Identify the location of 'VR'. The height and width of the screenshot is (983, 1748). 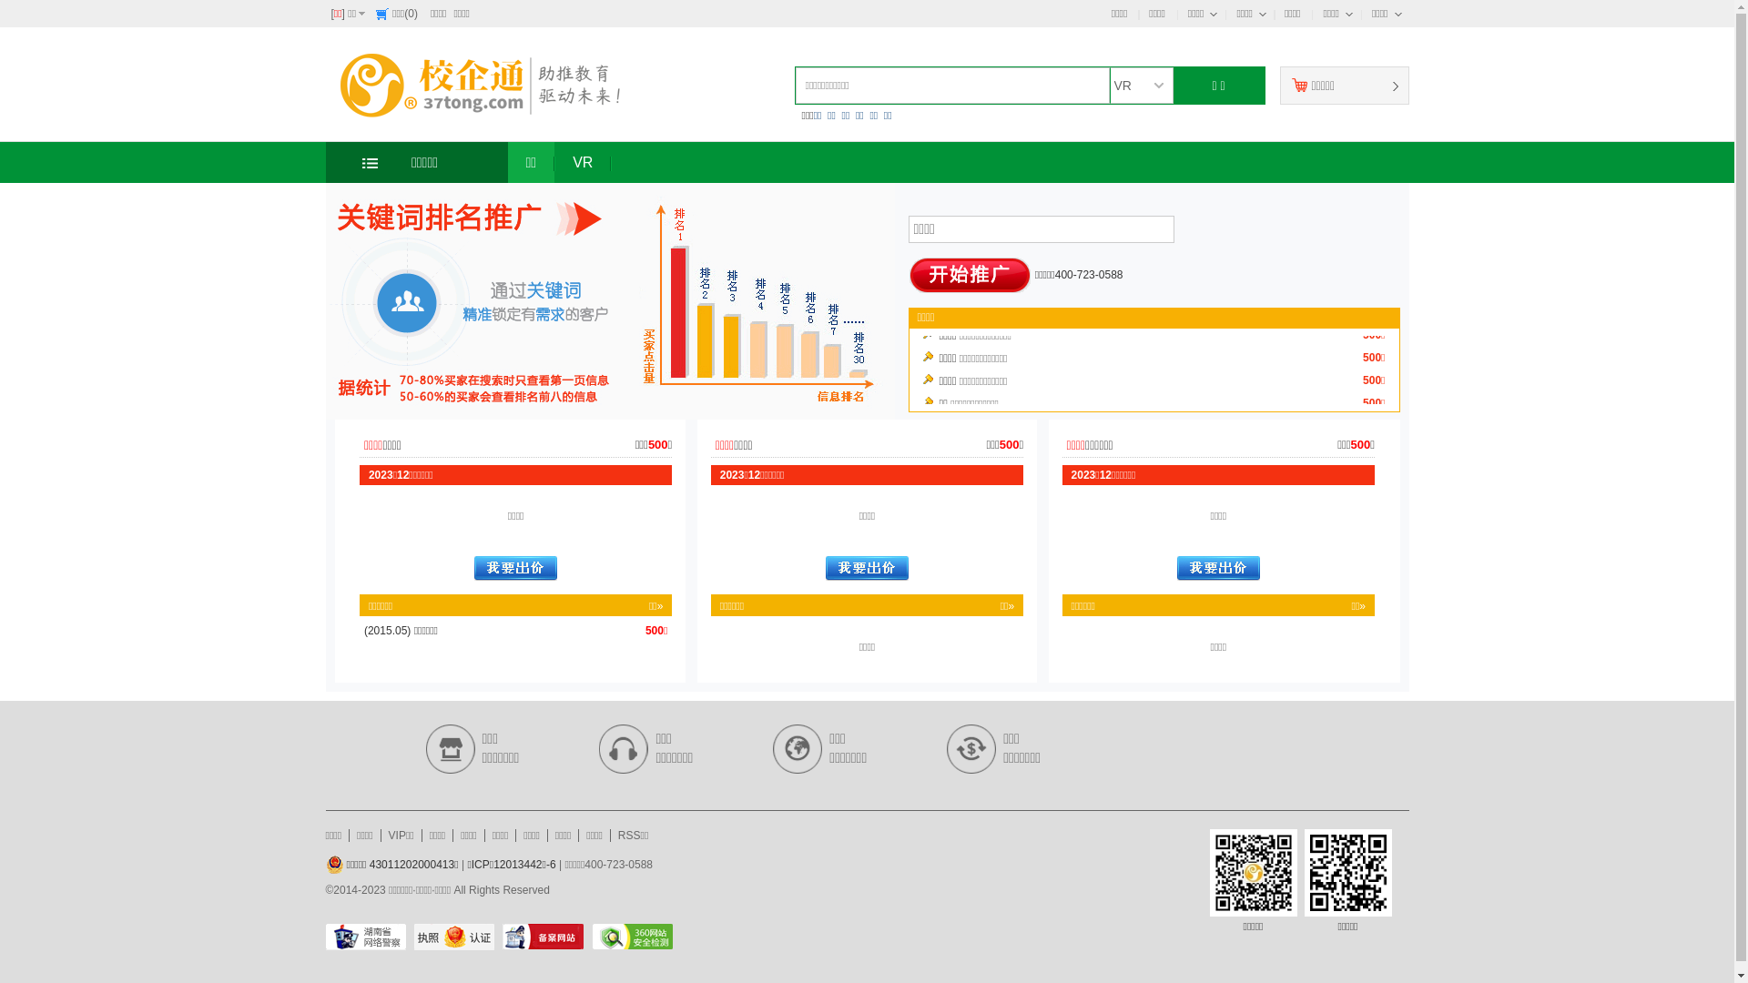
(554, 161).